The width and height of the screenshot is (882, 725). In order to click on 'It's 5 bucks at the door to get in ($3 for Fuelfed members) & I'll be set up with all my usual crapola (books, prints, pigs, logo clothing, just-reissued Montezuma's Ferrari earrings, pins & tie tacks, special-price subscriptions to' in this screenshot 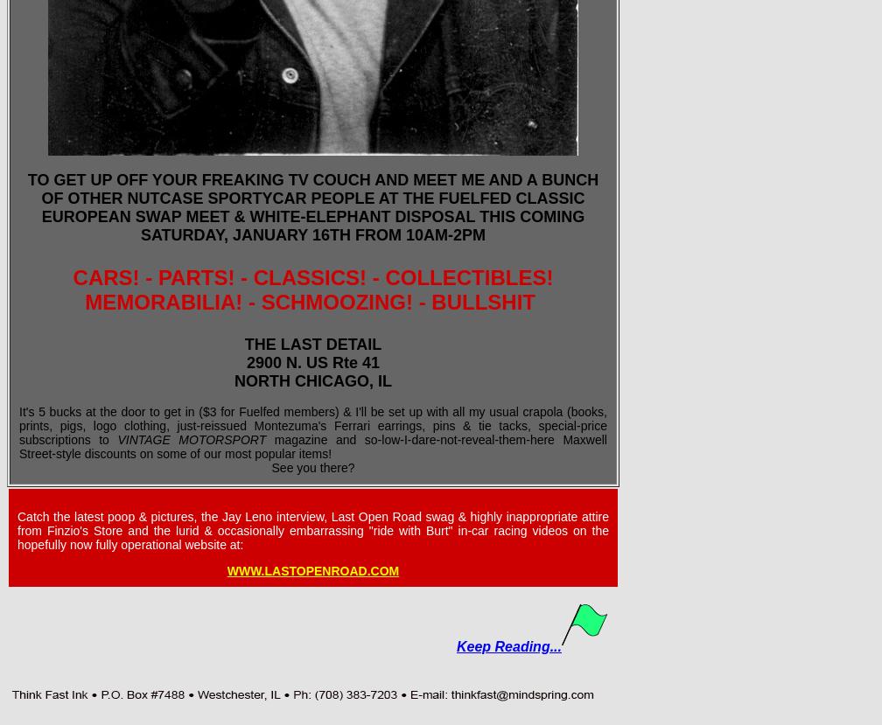, I will do `click(18, 426)`.